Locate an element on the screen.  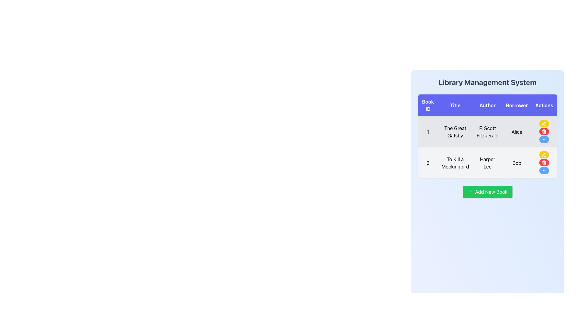
the red trash bin icon in the 'Actions' column of the first row of the table is located at coordinates (544, 131).